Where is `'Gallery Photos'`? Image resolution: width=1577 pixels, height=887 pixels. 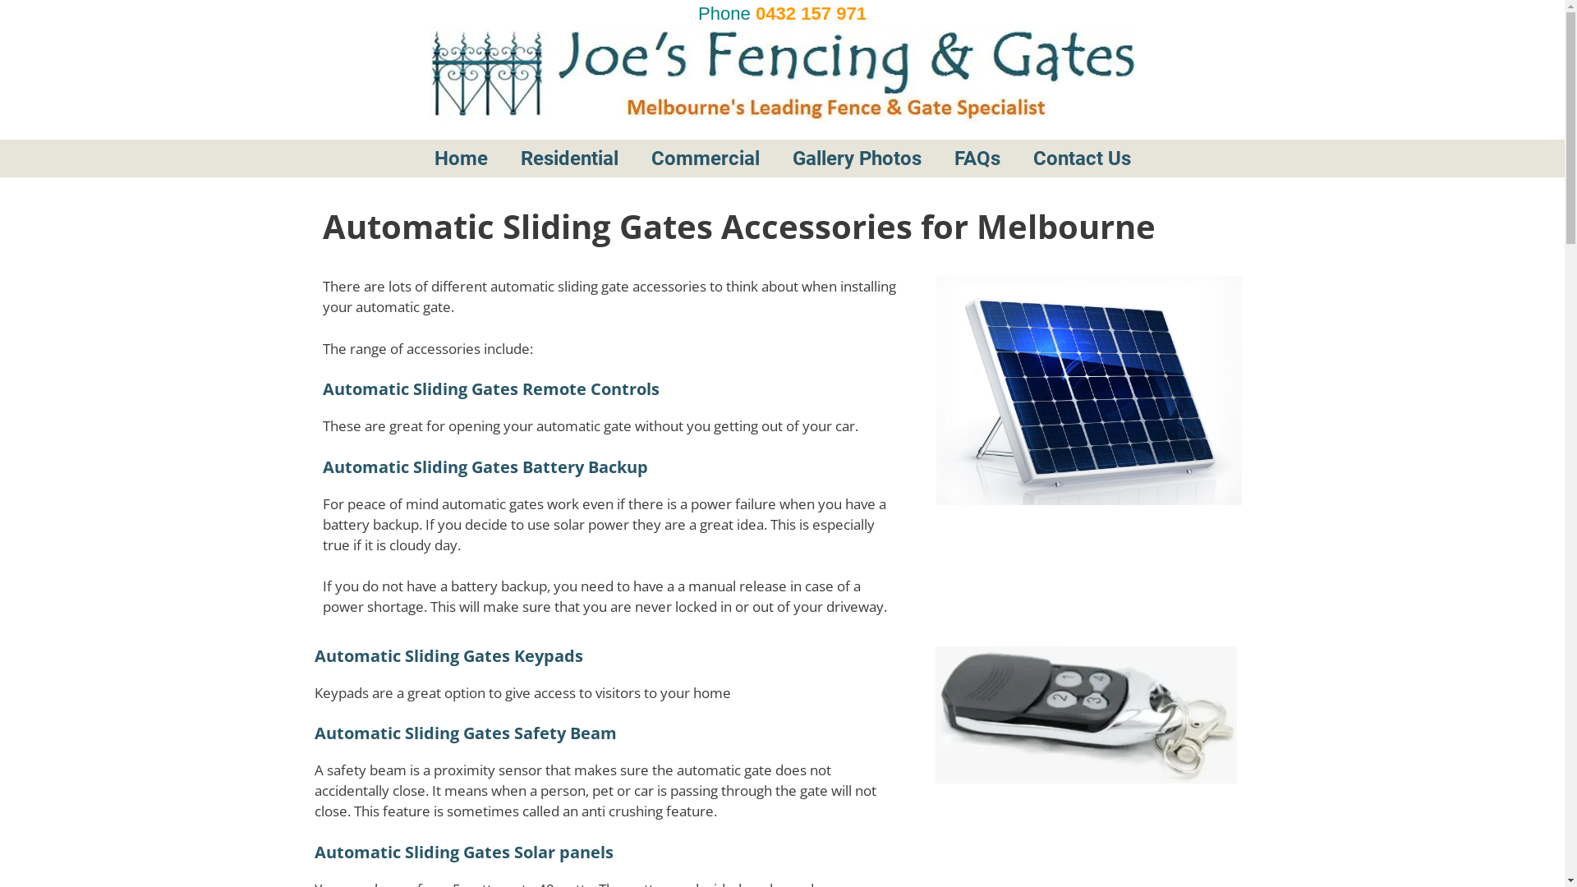
'Gallery Photos' is located at coordinates (855, 158).